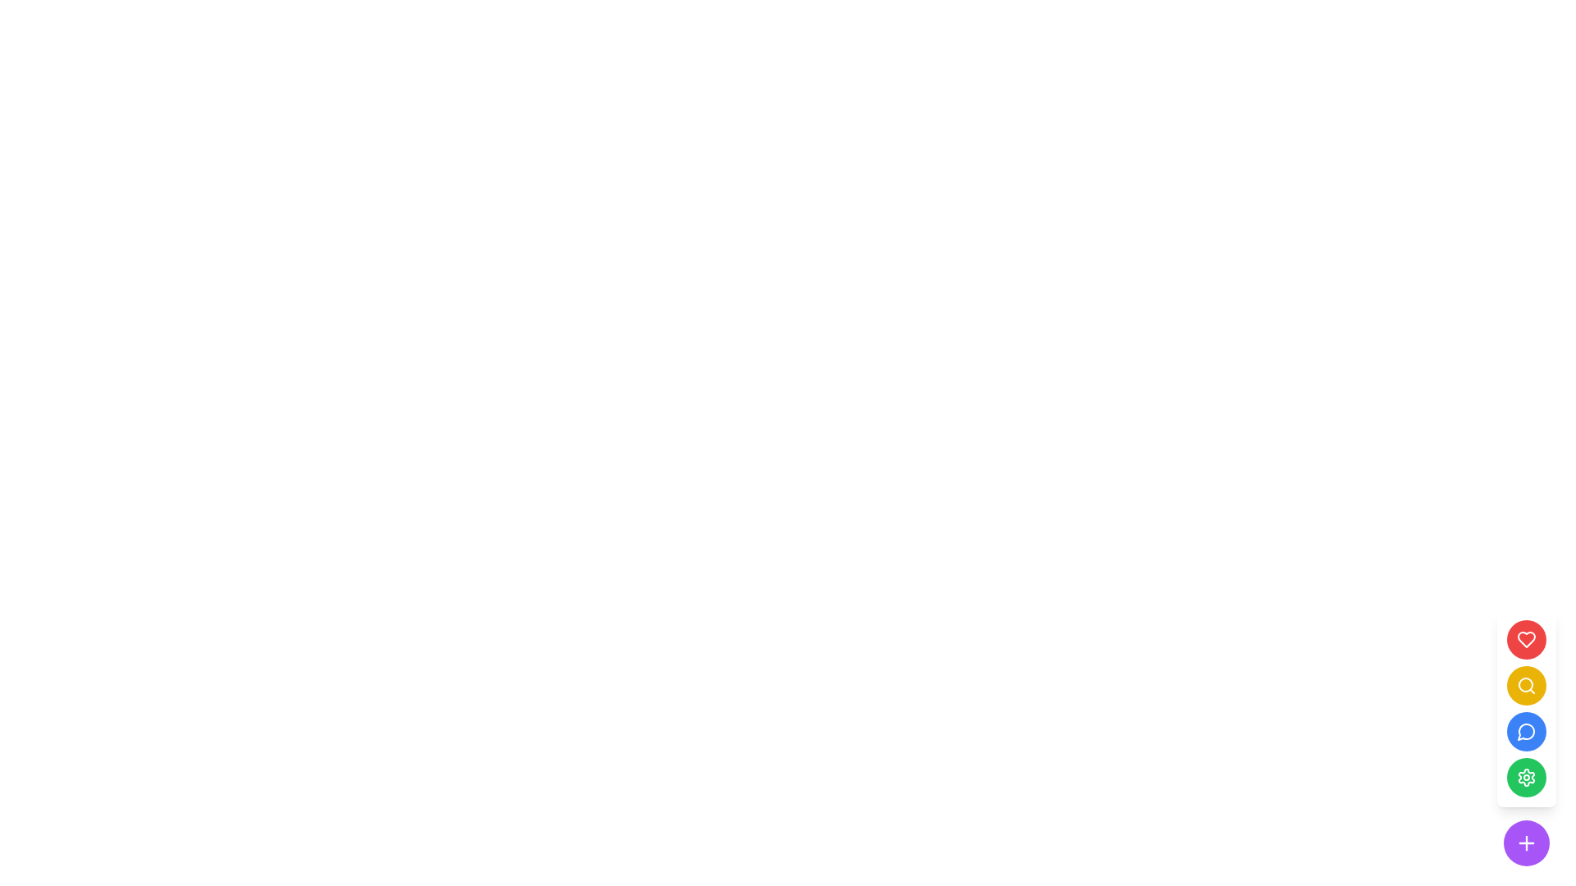 Image resolution: width=1576 pixels, height=886 pixels. Describe the element at coordinates (1526, 638) in the screenshot. I see `the Icon button located at the top of the vertical stack of circular icons on the far right side of the interface` at that location.